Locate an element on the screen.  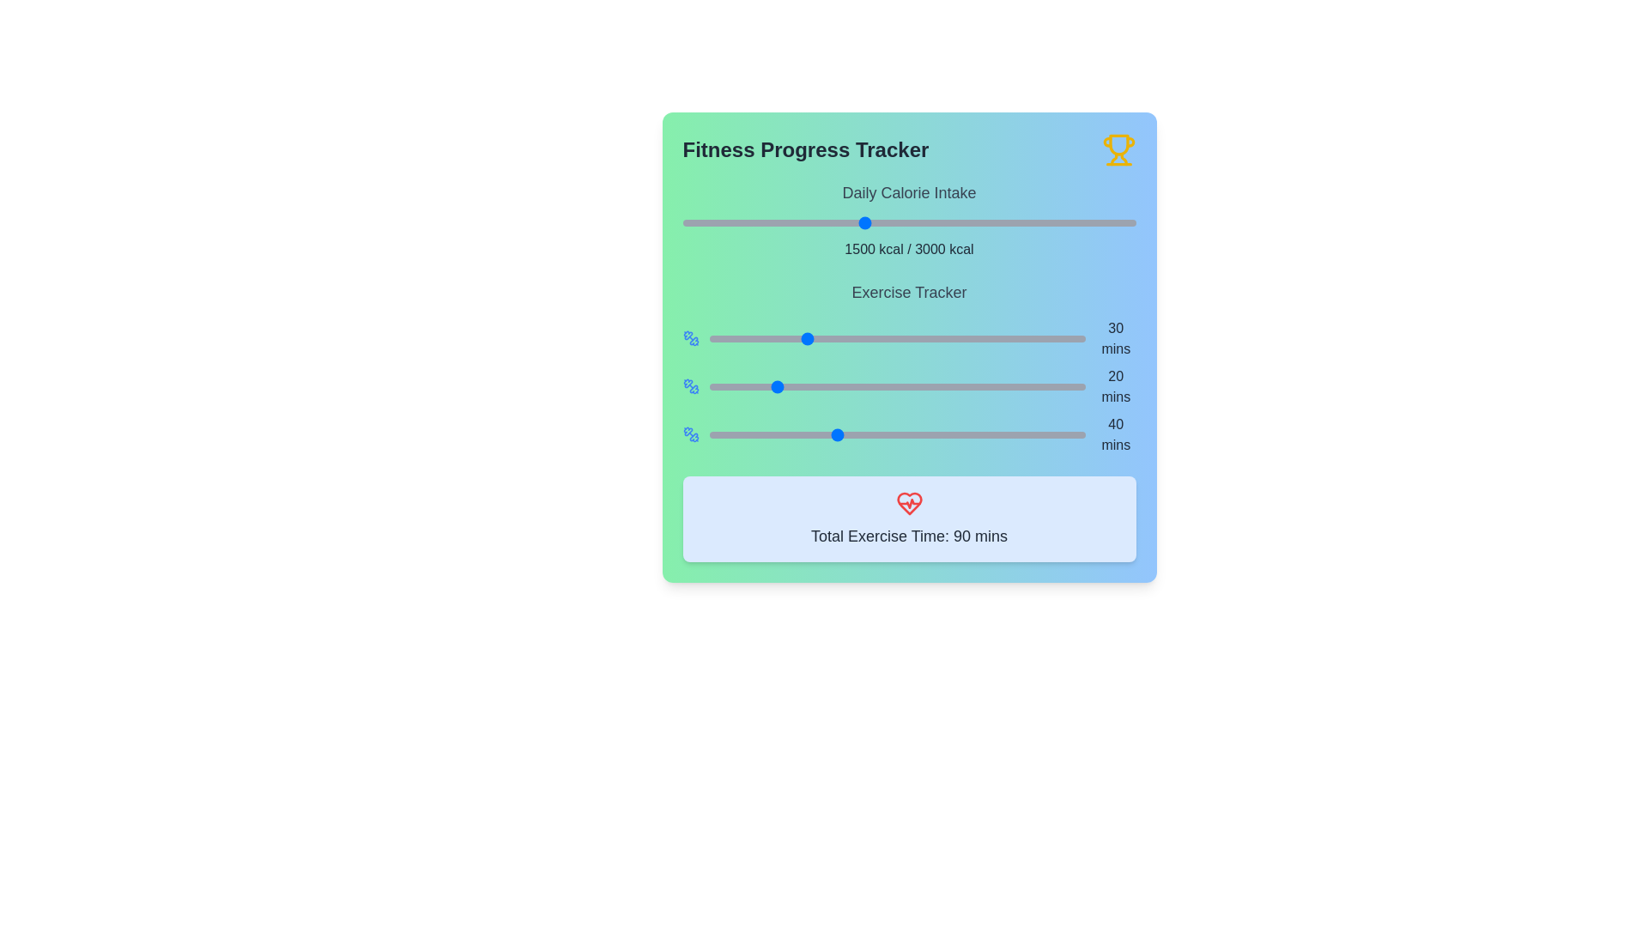
the slider value is located at coordinates (847, 338).